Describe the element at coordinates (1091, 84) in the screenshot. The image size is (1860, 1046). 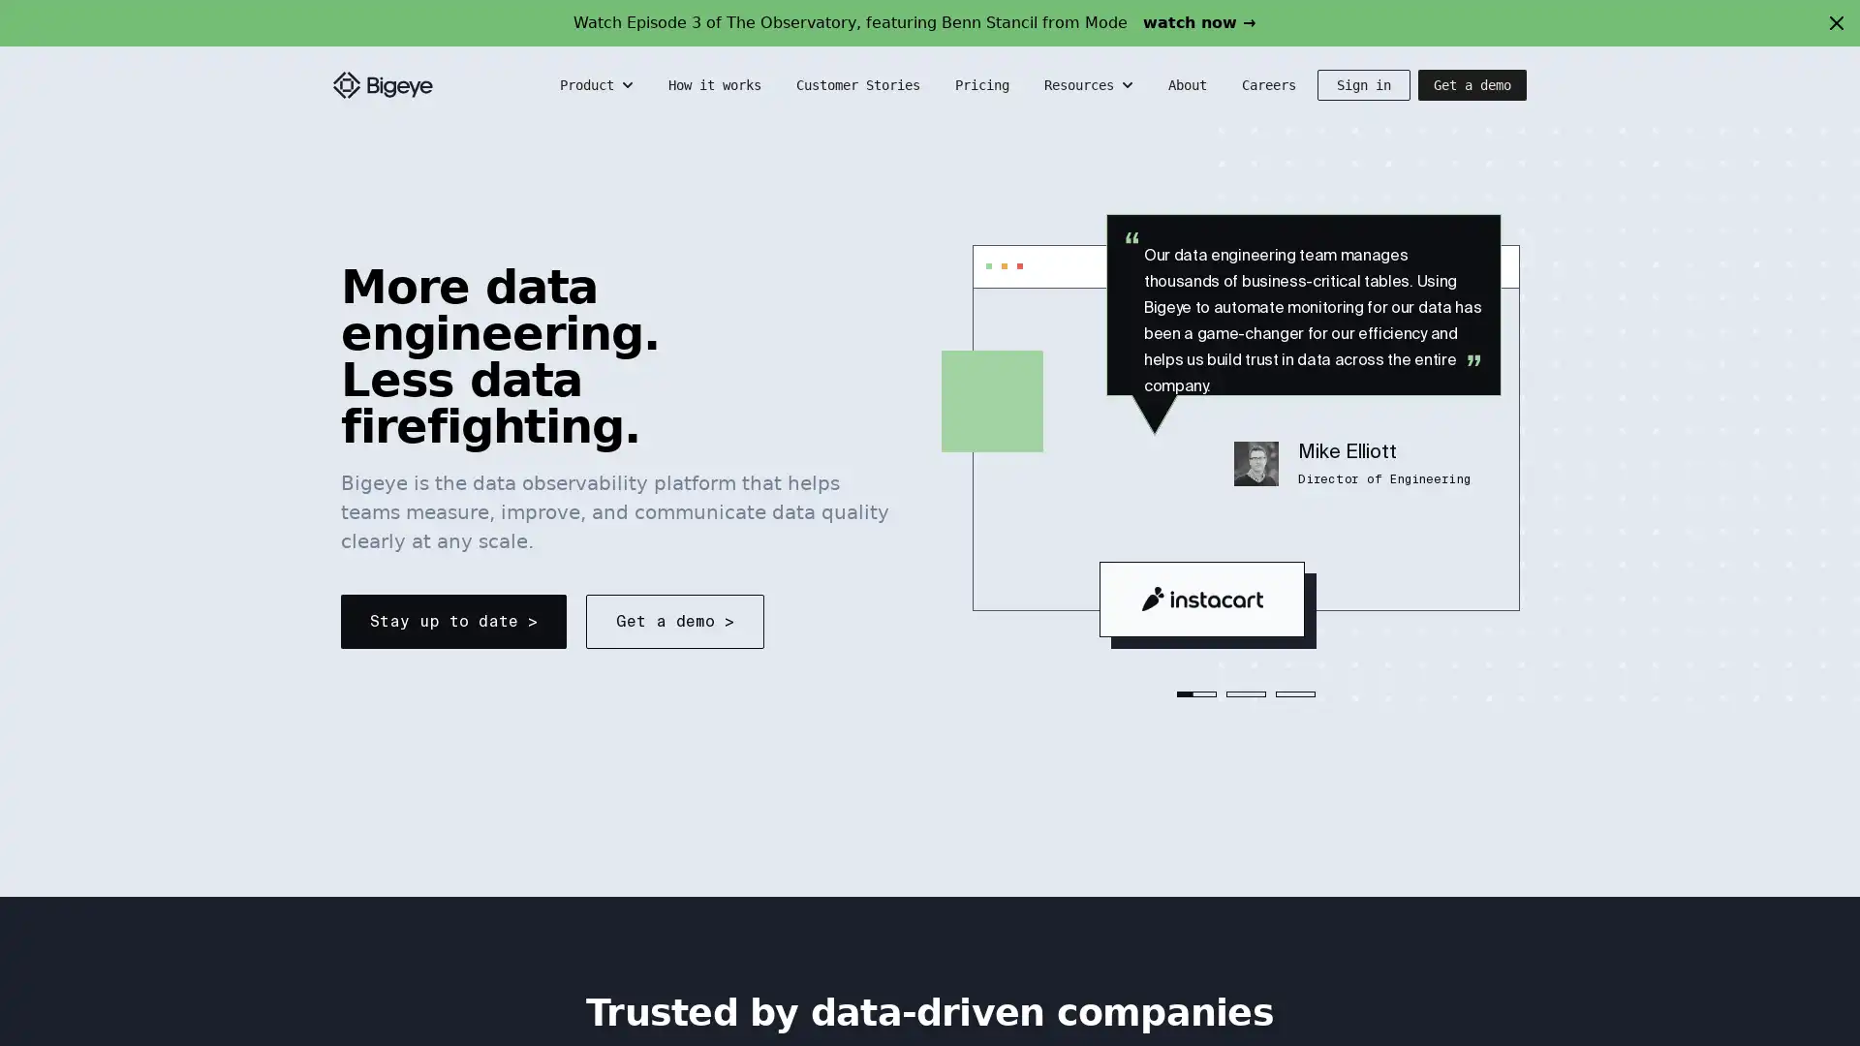
I see `Resources` at that location.